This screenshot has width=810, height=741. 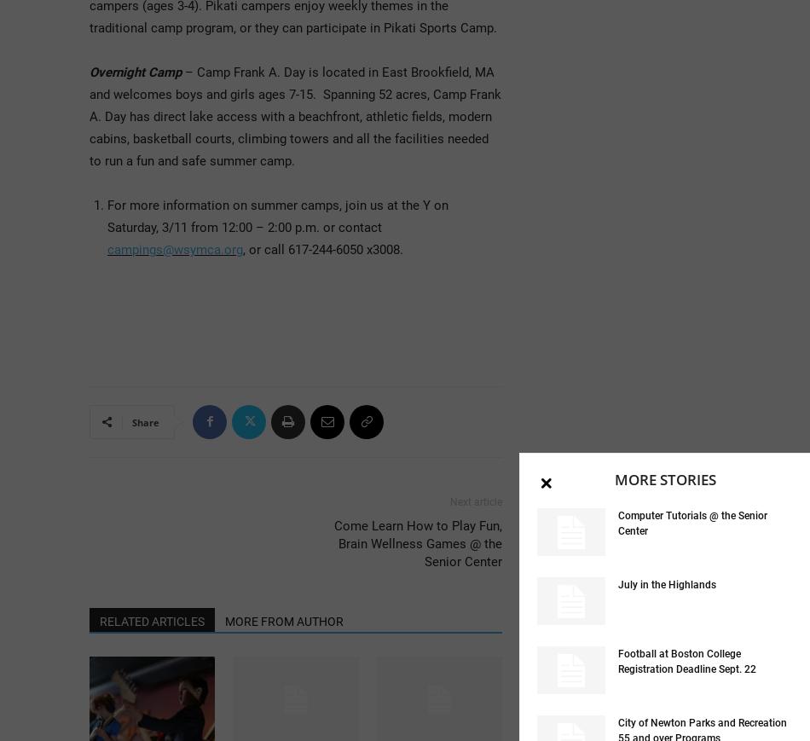 I want to click on 'Share', so click(x=146, y=421).